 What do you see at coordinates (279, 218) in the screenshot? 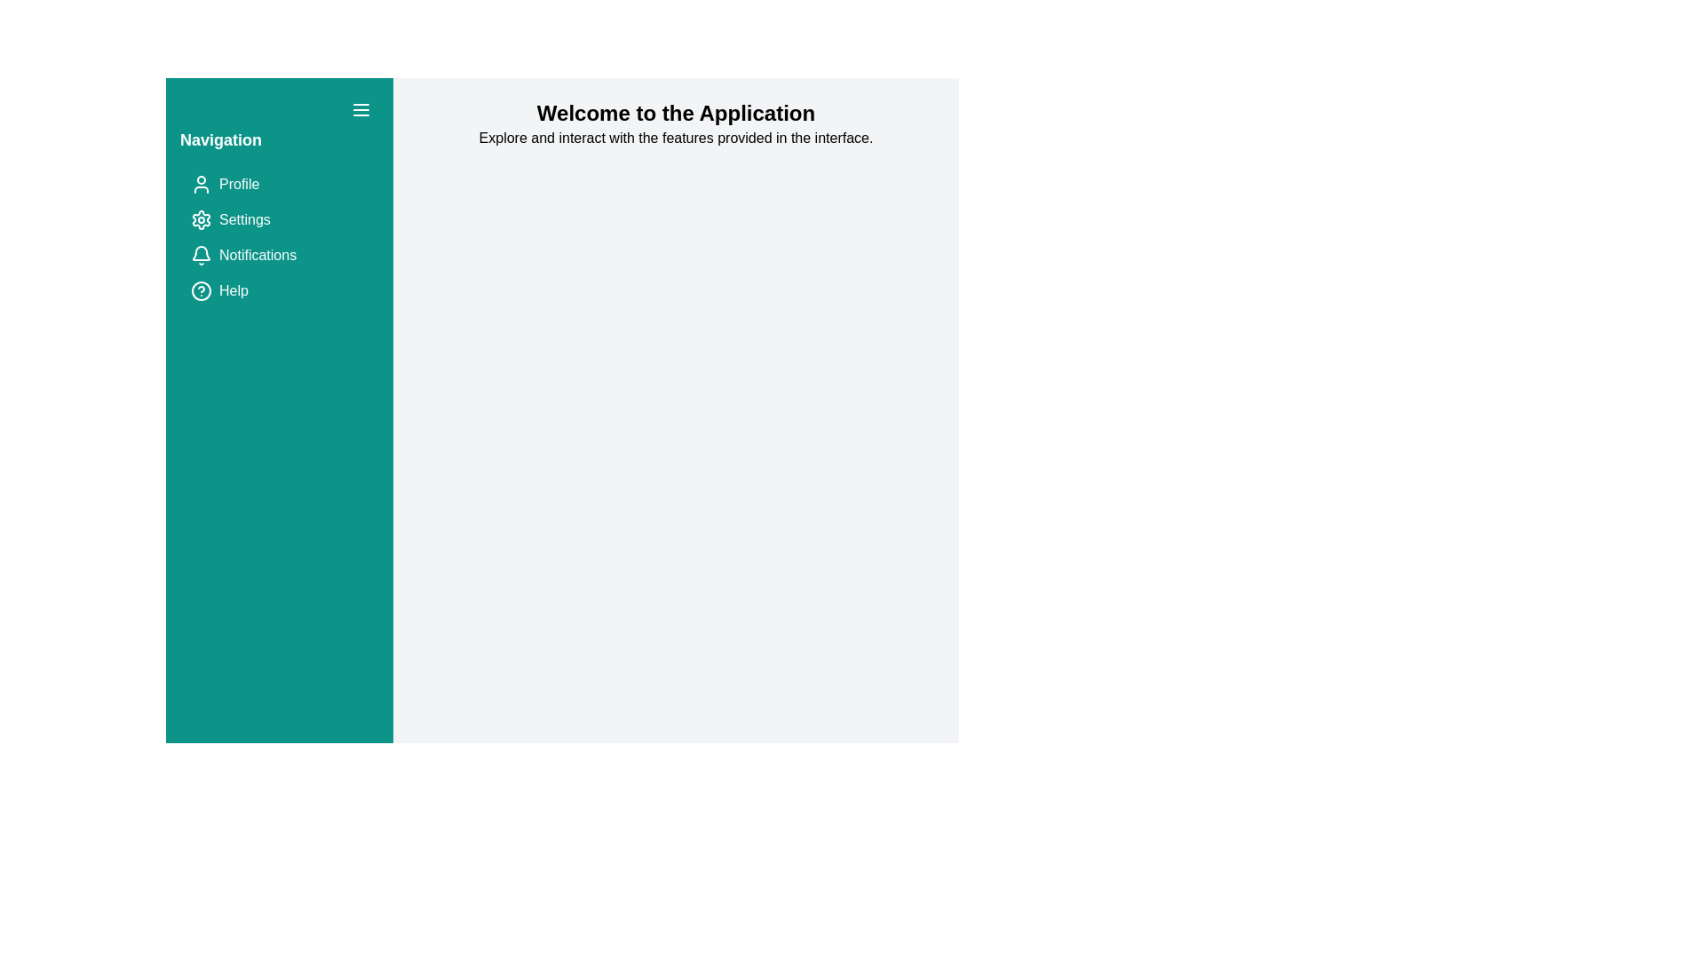
I see `the menu item labeled Settings` at bounding box center [279, 218].